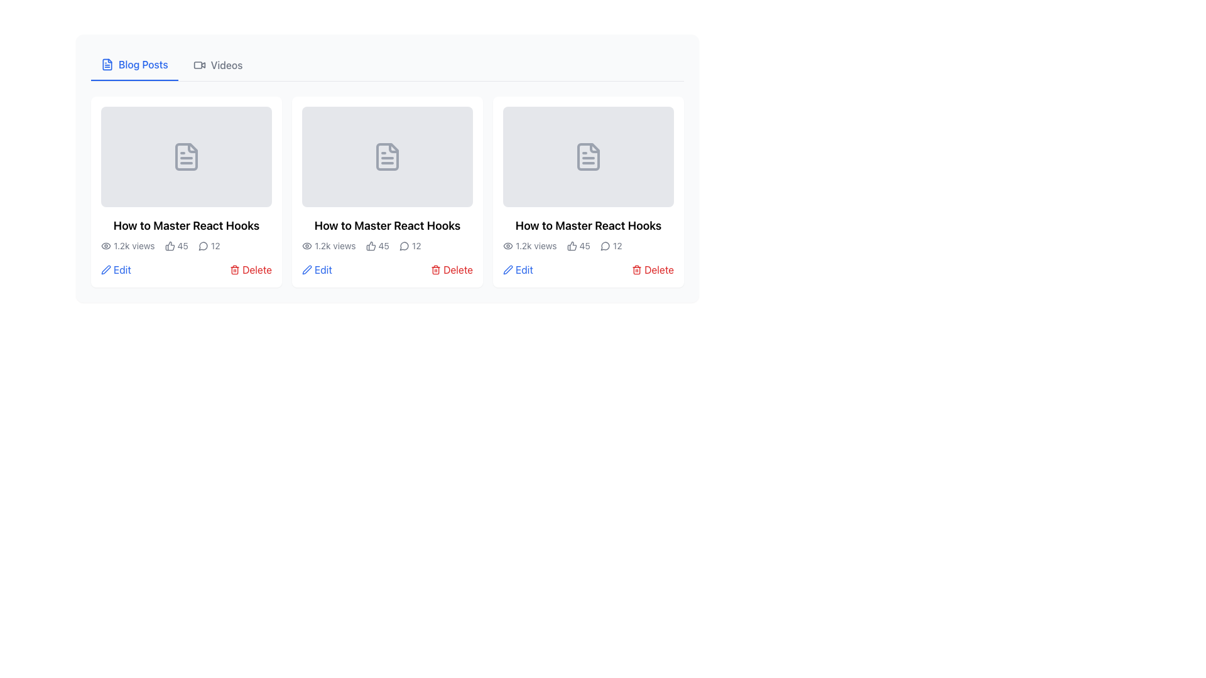 The height and width of the screenshot is (678, 1206). I want to click on the edit button located in the leftmost card under the 'Blog Posts' section to initiate editing of the content, so click(116, 269).